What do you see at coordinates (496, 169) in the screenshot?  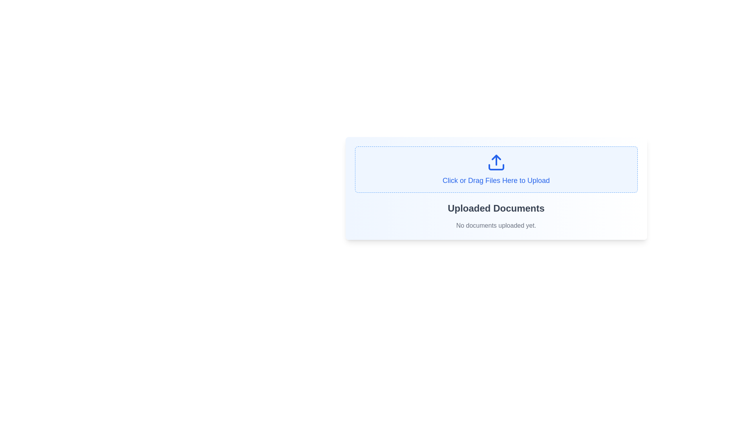 I see `the clickable area with the blue, underlined text 'Click or Drag Files Here to Upload' and the upward-facing arrow icon` at bounding box center [496, 169].